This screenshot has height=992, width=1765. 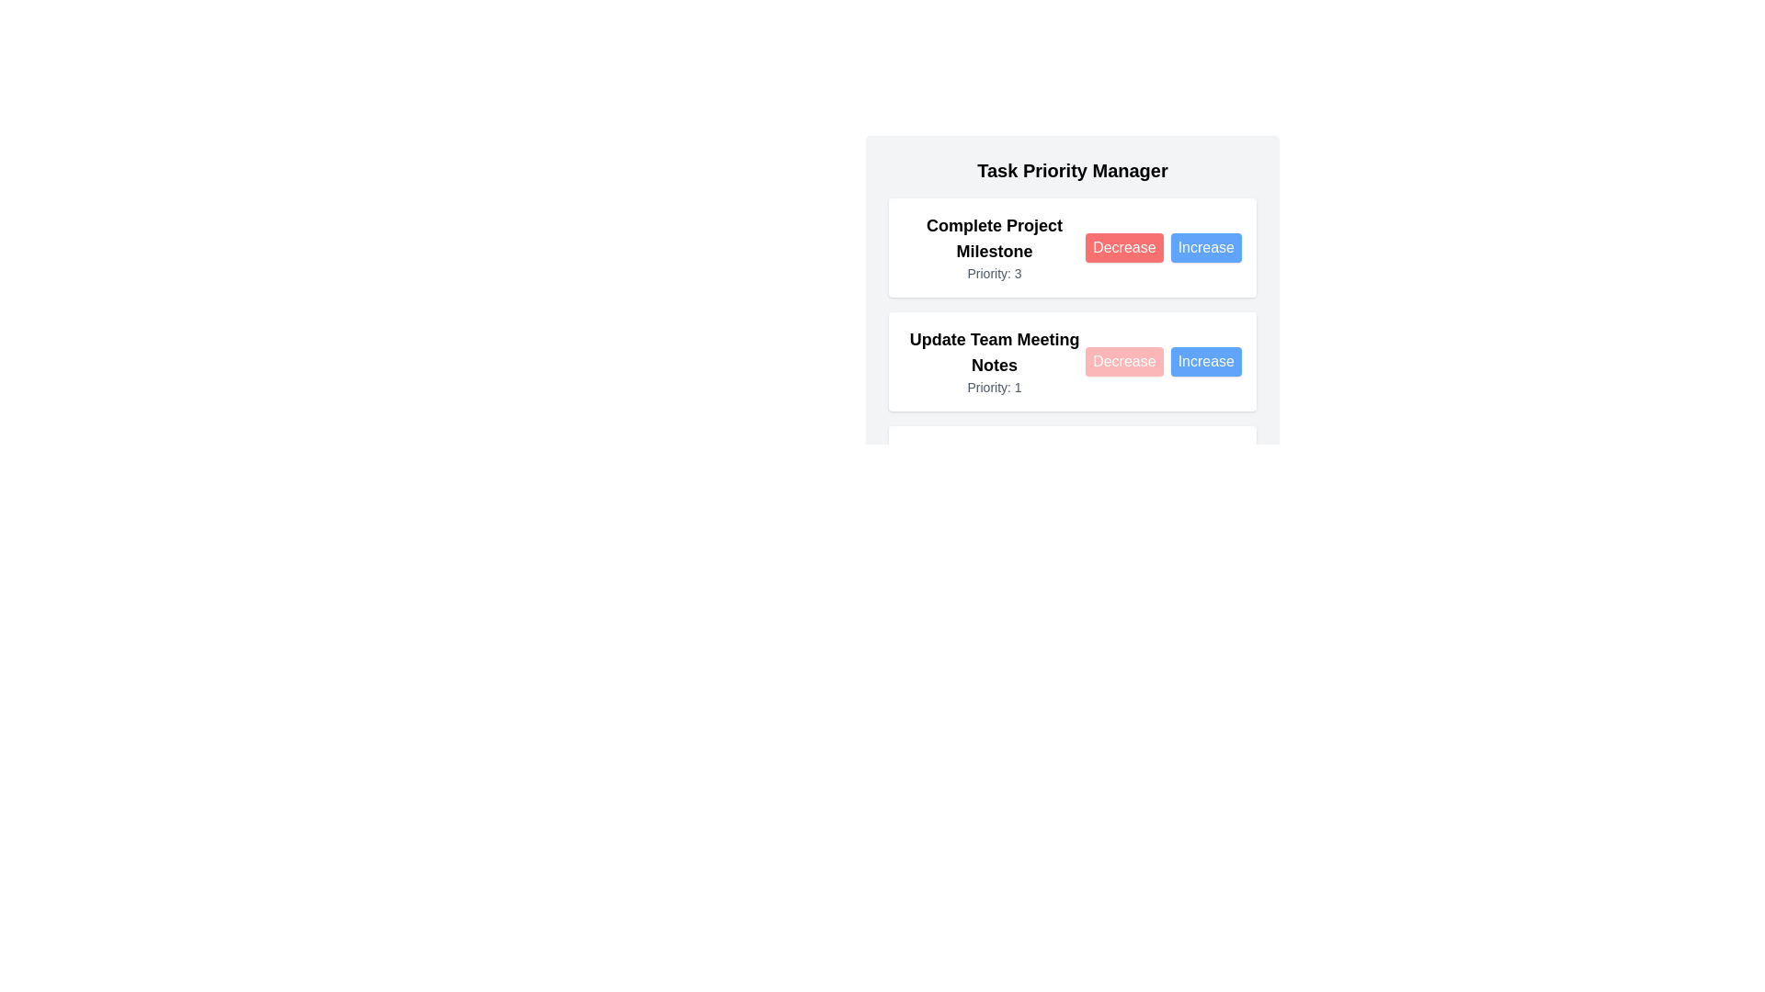 What do you see at coordinates (1205, 248) in the screenshot?
I see `the Increase button for the task 'Complete Project Milestone'` at bounding box center [1205, 248].